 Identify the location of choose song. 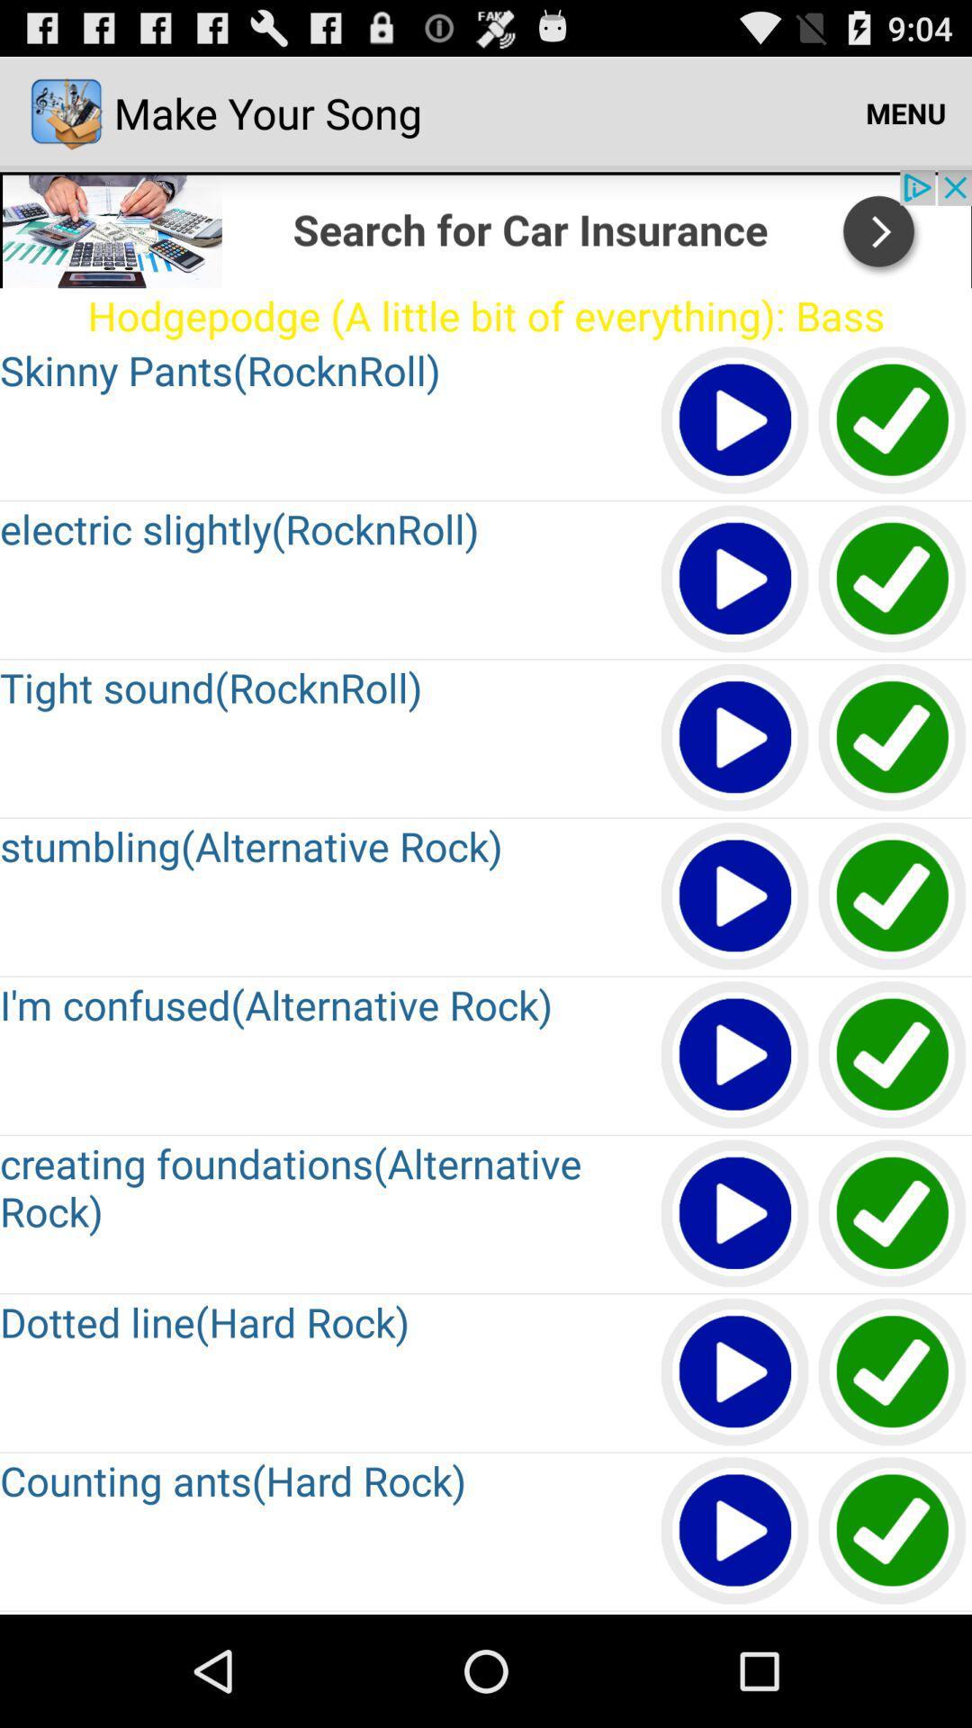
(893, 1056).